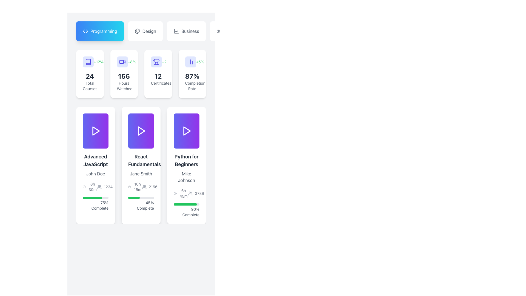  What do you see at coordinates (192, 86) in the screenshot?
I see `the text label reading 'Completion Rate', which is located directly below the percentage value '87%' in the fourth column of the metrics card` at bounding box center [192, 86].